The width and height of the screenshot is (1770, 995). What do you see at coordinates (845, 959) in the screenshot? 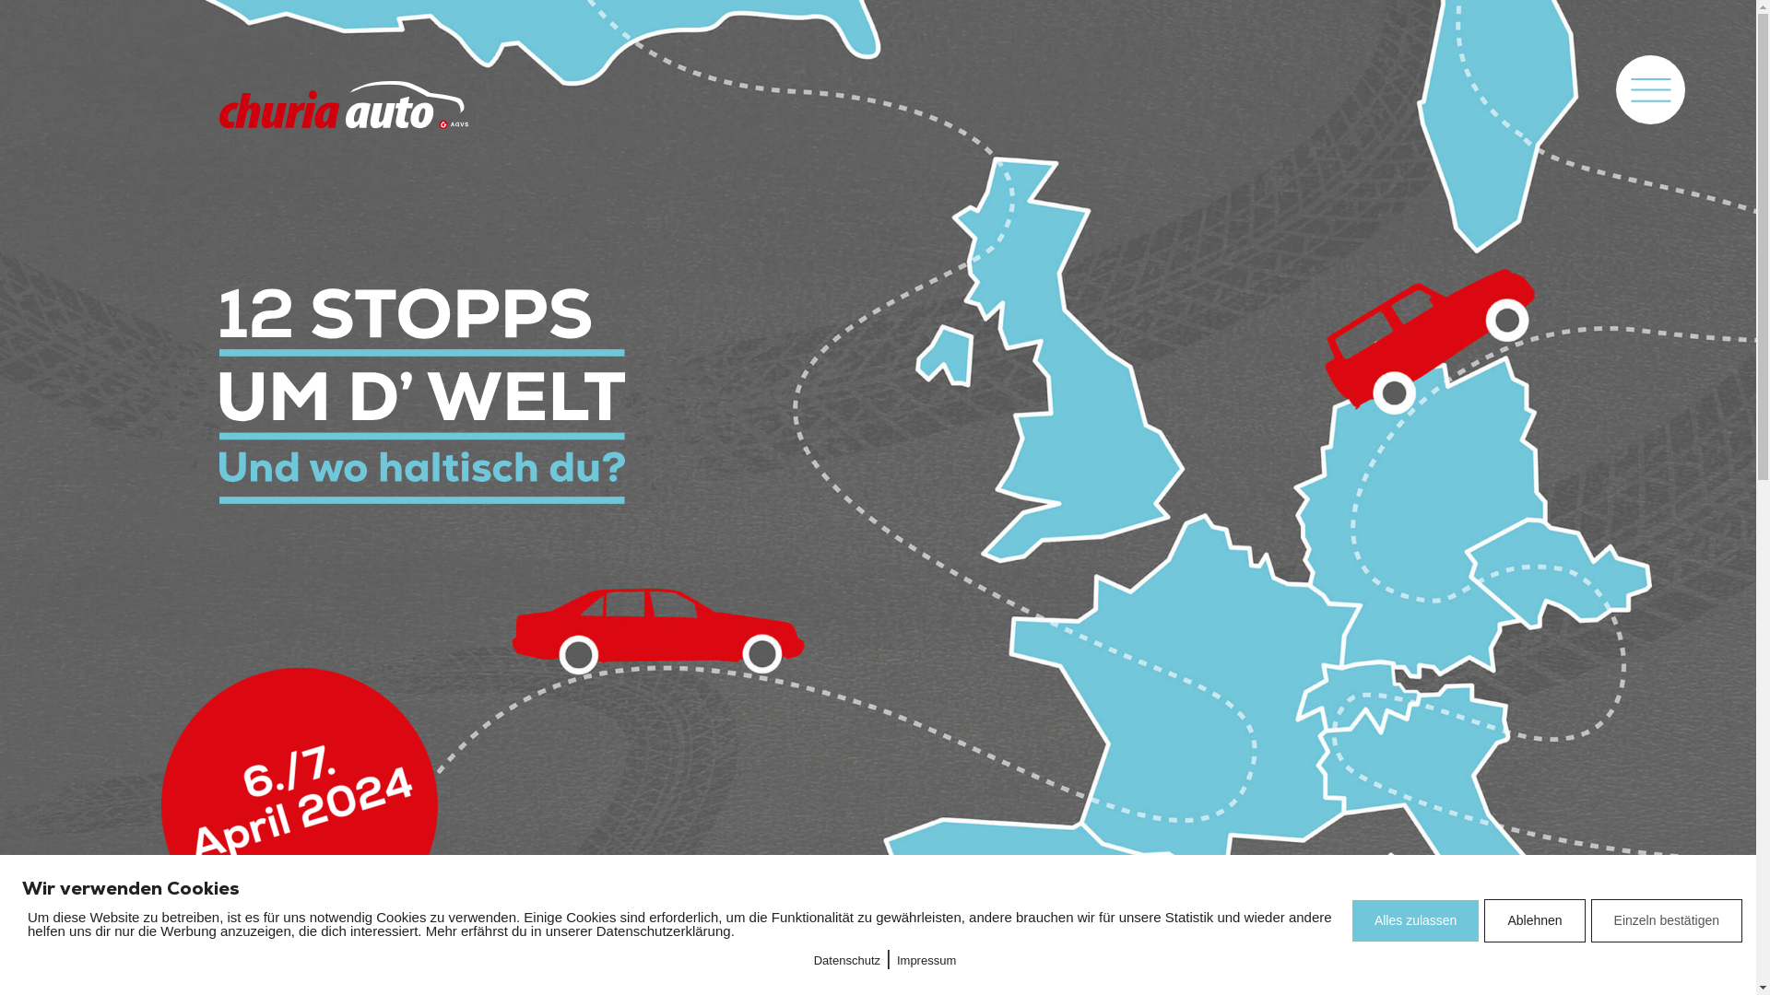
I see `'Datenschutz'` at bounding box center [845, 959].